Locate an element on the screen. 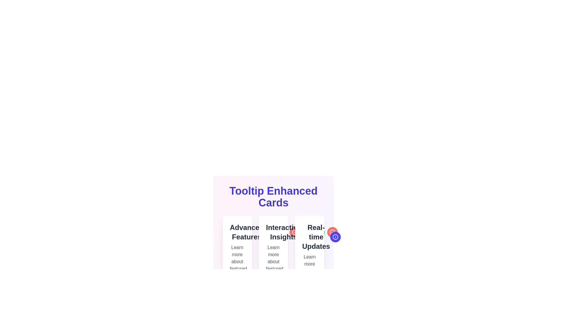 The height and width of the screenshot is (318, 565). the title of the third card in the 'Tooltip Enhanced Cards' section, which indicates the purpose or topic of the card's content is located at coordinates (309, 237).